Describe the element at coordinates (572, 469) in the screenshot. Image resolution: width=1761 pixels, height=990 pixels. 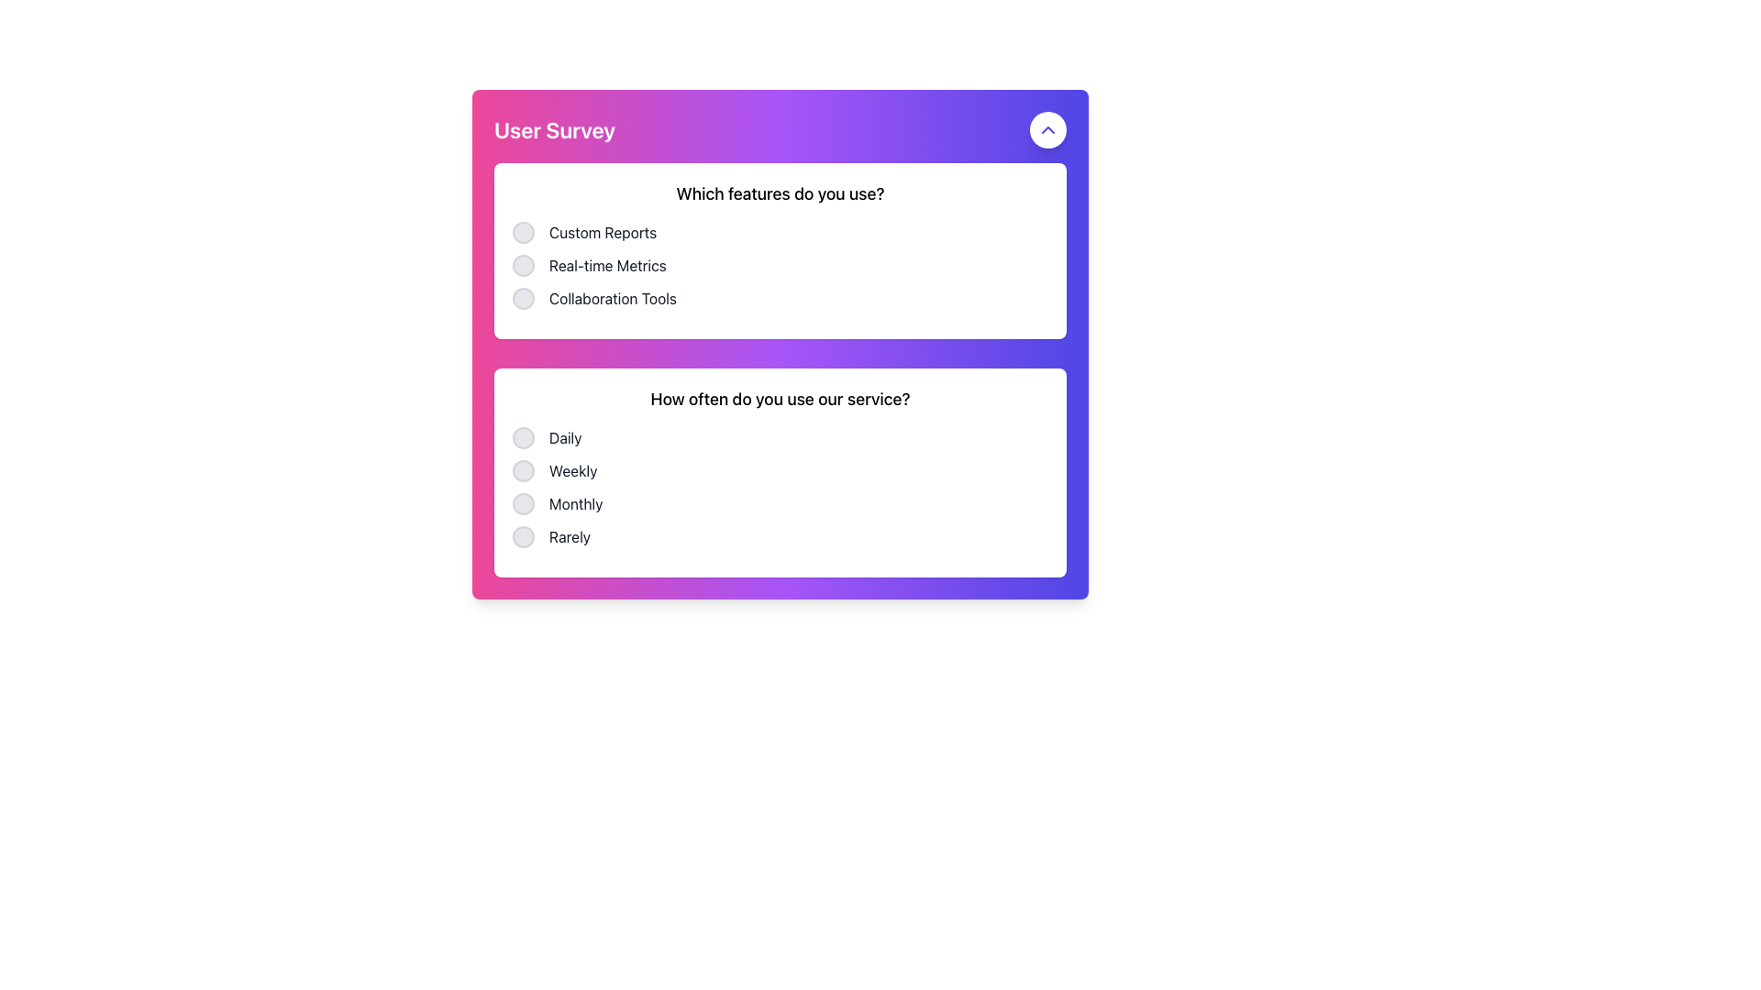
I see `the text label 'Weekly' which is in dark gray font and aligned with the radio button to its left, part of the options under the question 'How often do you use our service?'` at that location.